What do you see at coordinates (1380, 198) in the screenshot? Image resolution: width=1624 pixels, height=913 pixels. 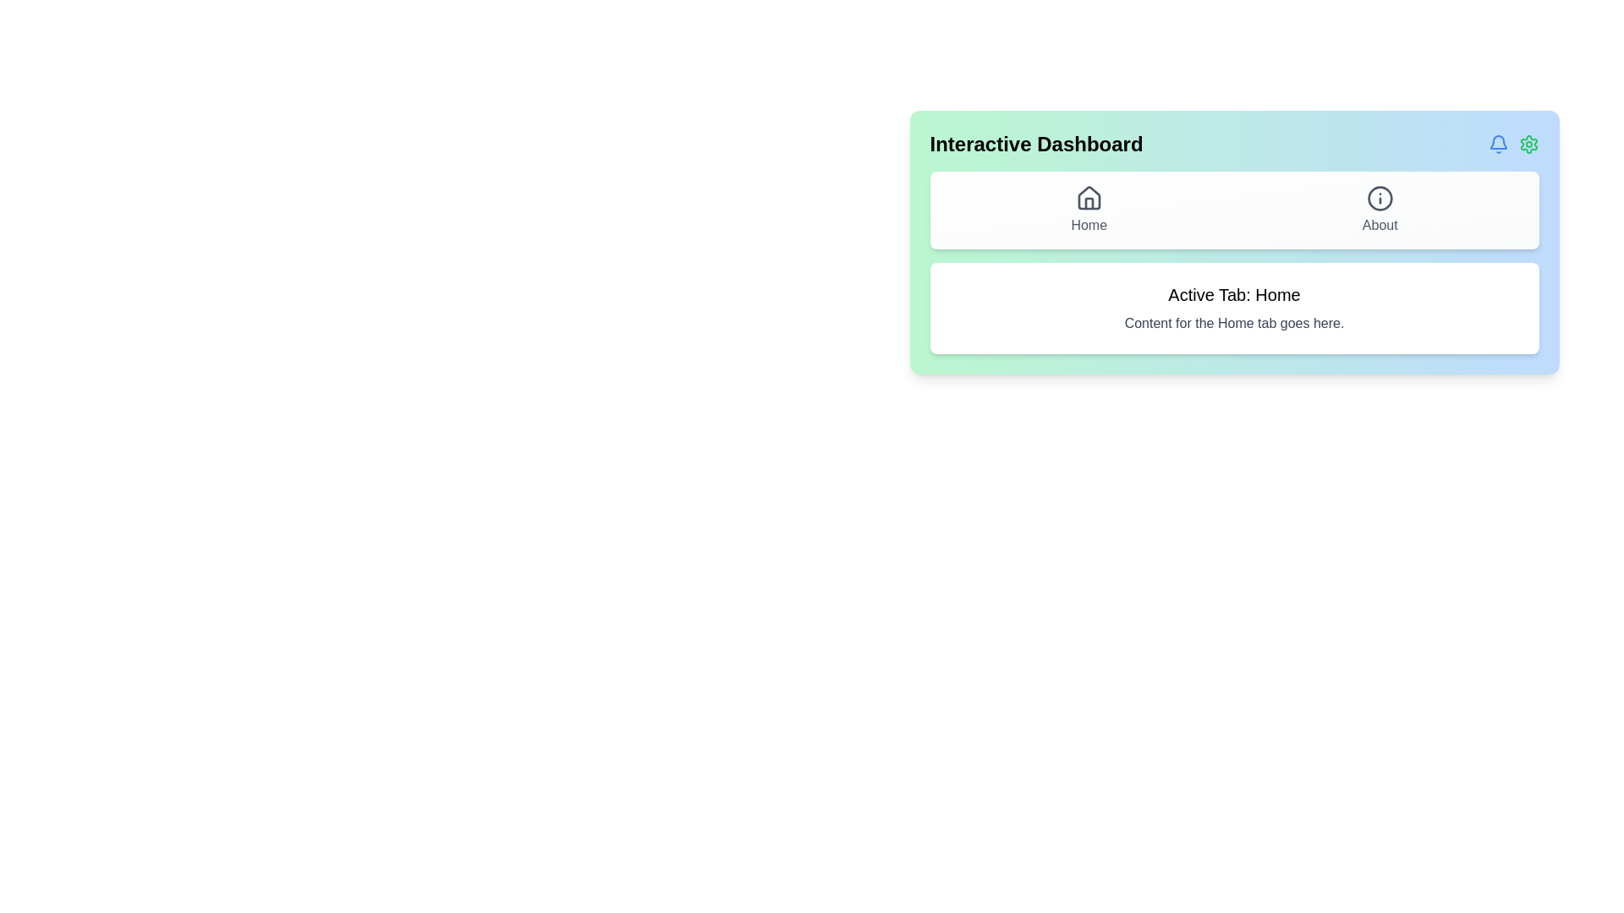 I see `the 'About' icon located in the top-right section of the interface to potentially trigger a tooltip` at bounding box center [1380, 198].